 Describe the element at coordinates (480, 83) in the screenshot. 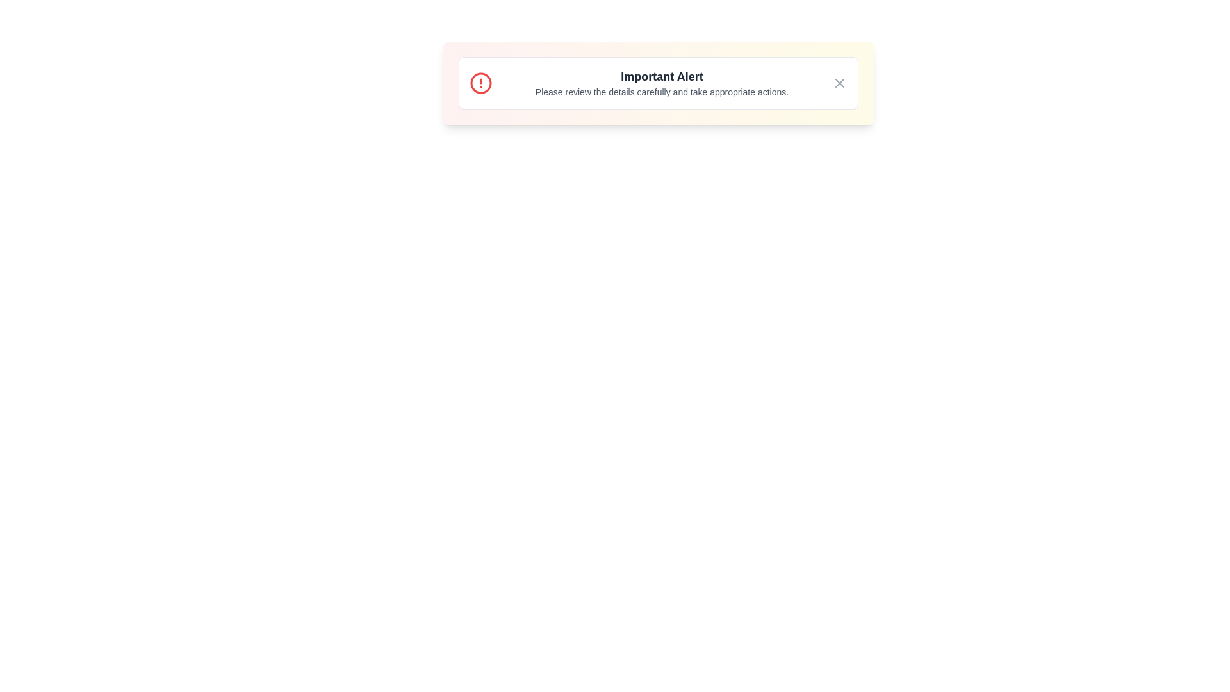

I see `the circular graphical element with a red border, which is part of a red alert icon on the left side of the notification banner` at that location.